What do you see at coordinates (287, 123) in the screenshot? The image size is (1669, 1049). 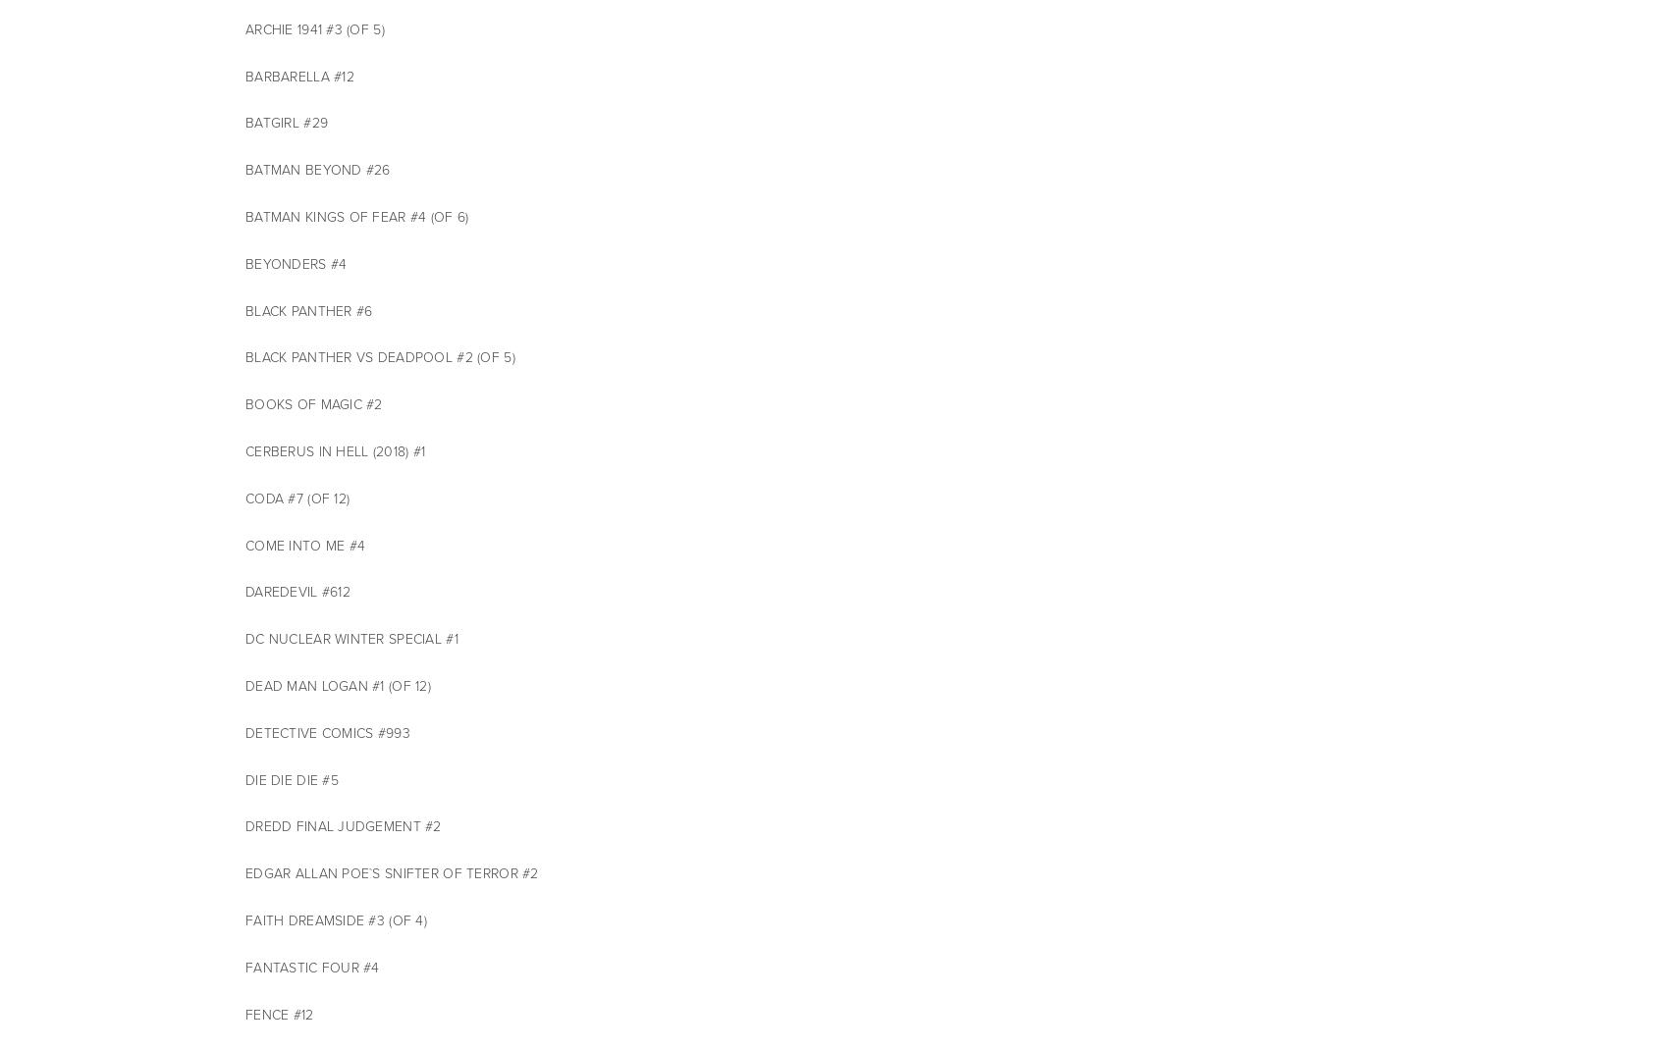 I see `'BATGIRL #29'` at bounding box center [287, 123].